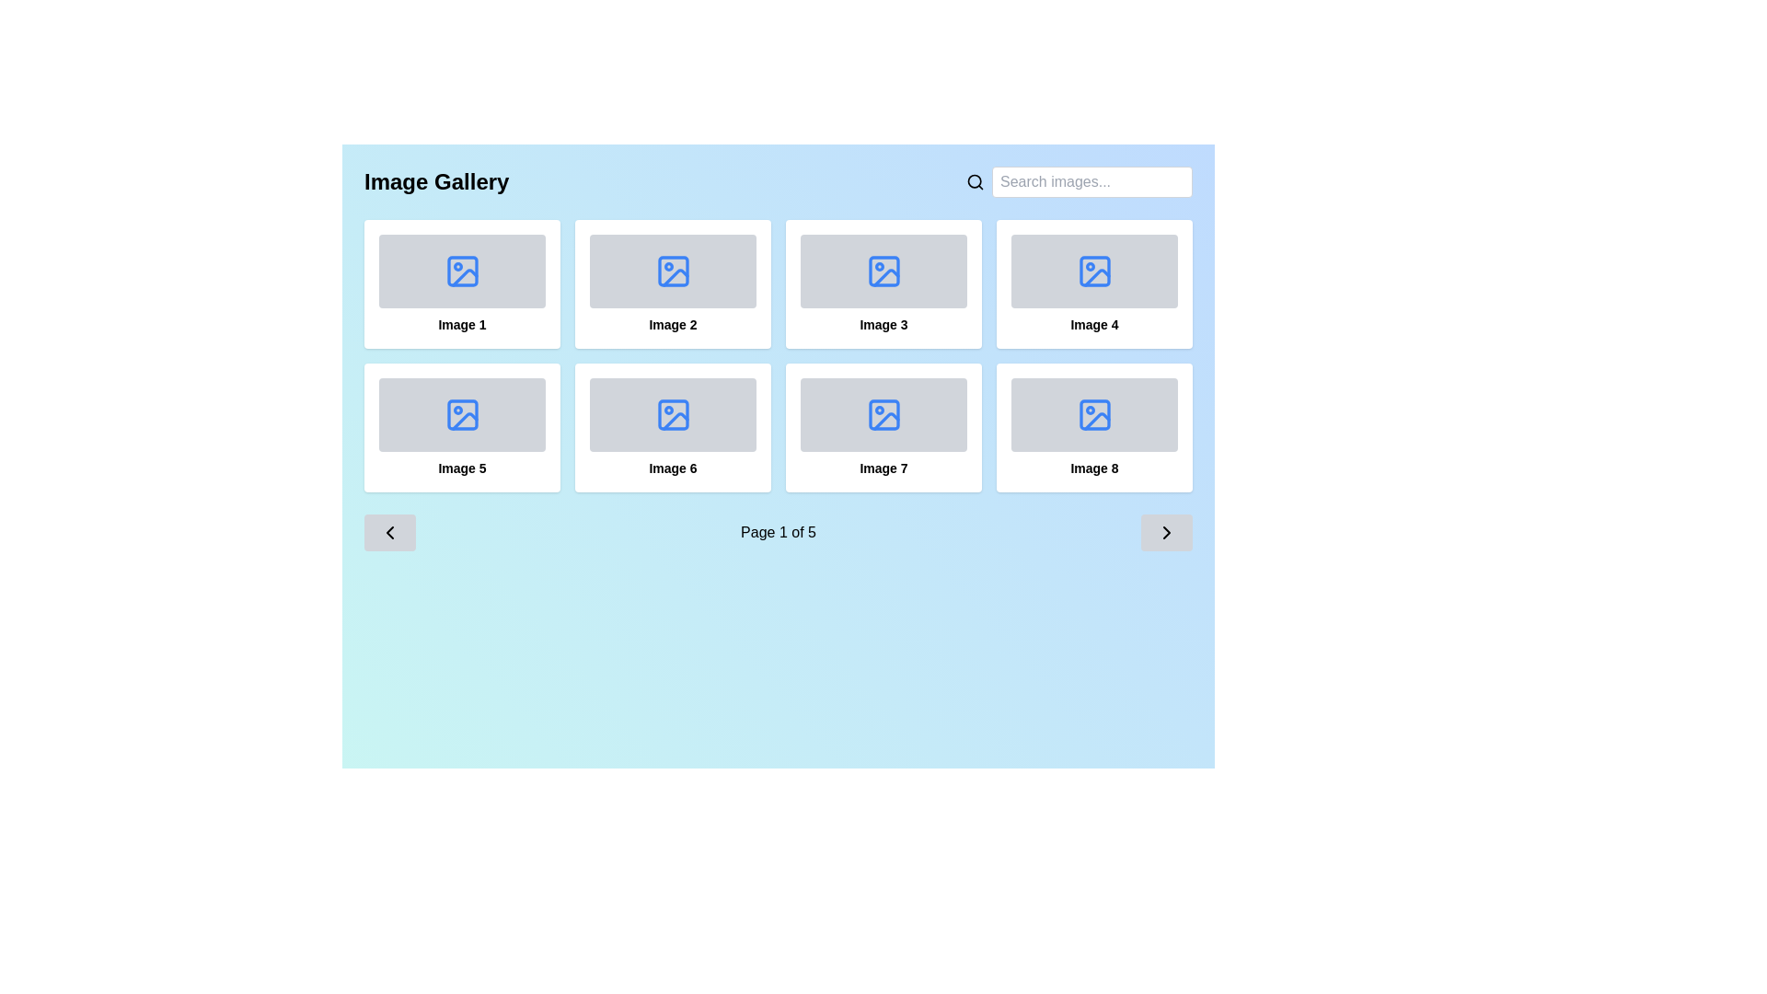 This screenshot has width=1767, height=994. I want to click on the text input field located in the top right corner of the interface to focus on it, so click(1091, 181).